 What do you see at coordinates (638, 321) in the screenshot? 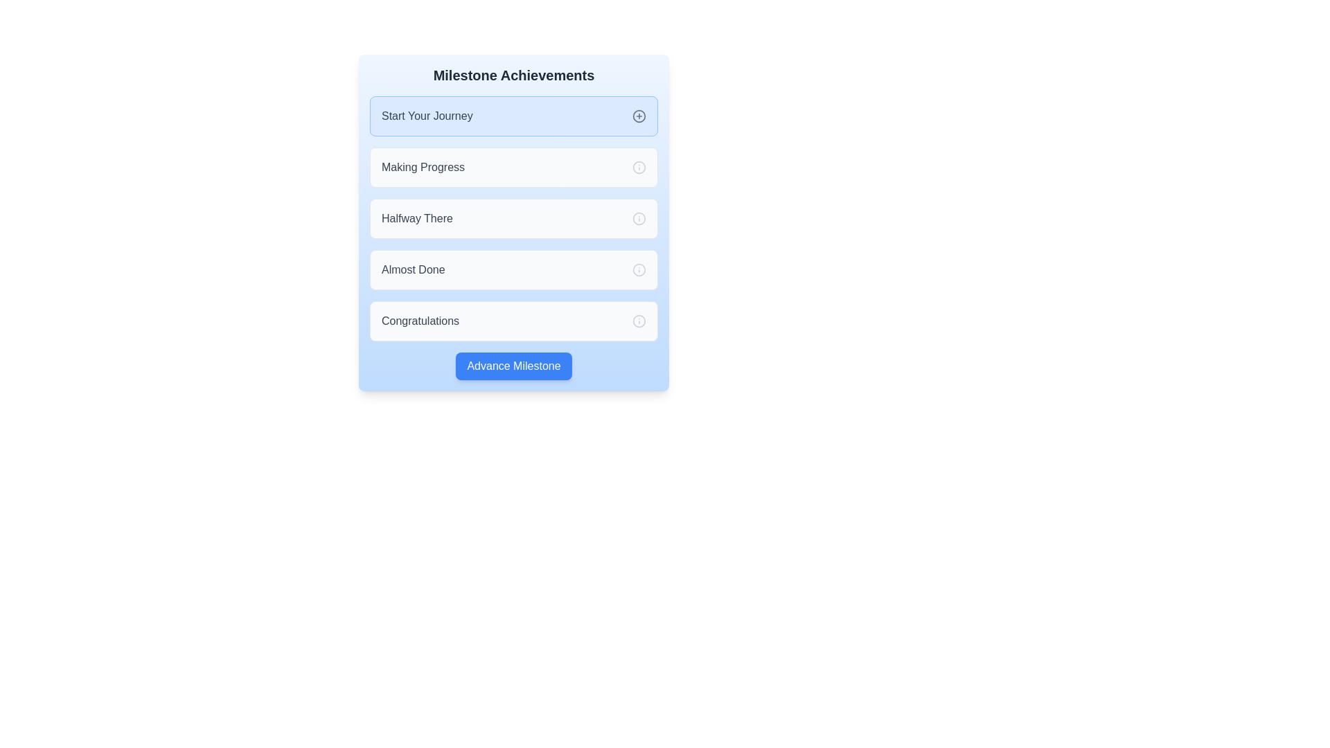
I see `the fourth circular SVG element in the 'Milestone Achievements' interface, which has a thin stroke and no fill, adjacent to the 'Almost Done' milestone` at bounding box center [638, 321].